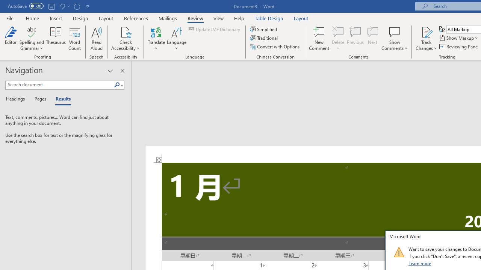 This screenshot has width=481, height=270. Describe the element at coordinates (77, 6) in the screenshot. I see `'Repeat Doc Close'` at that location.